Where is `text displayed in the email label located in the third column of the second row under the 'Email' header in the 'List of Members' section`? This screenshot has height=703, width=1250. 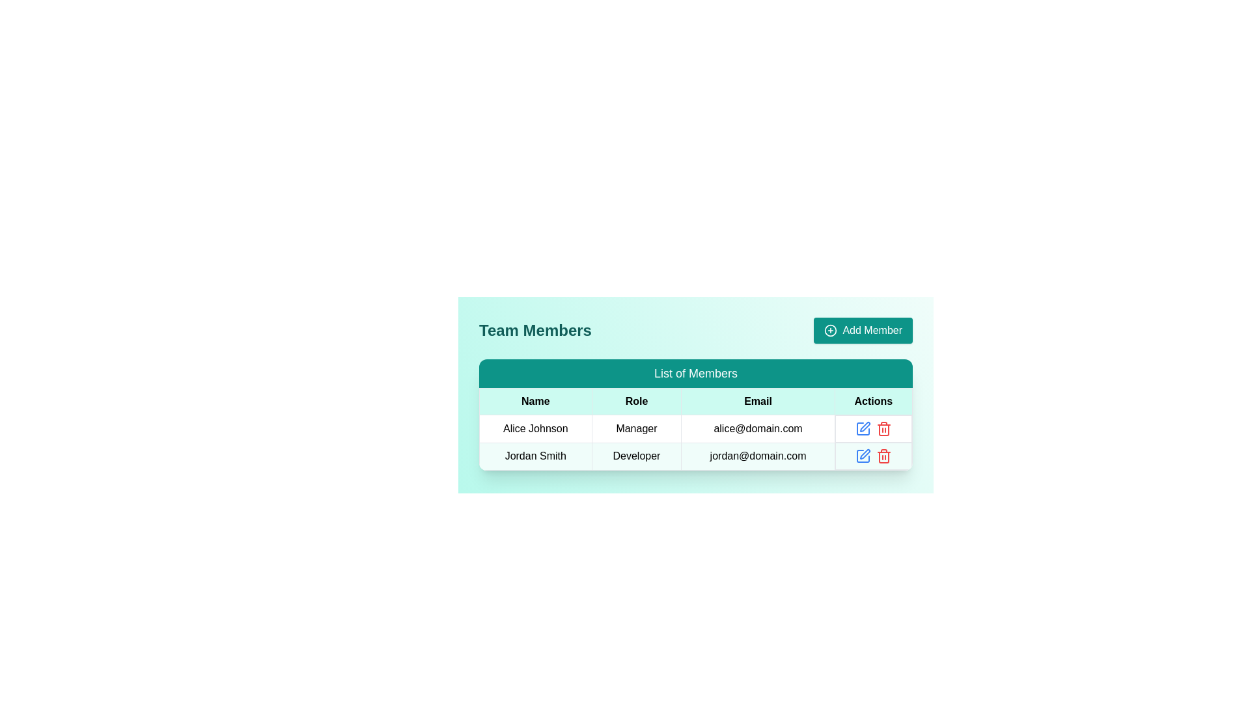
text displayed in the email label located in the third column of the second row under the 'Email' header in the 'List of Members' section is located at coordinates (758, 456).